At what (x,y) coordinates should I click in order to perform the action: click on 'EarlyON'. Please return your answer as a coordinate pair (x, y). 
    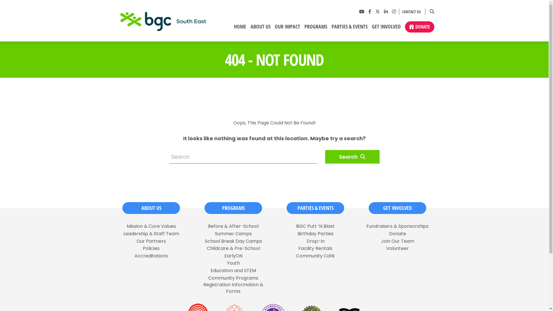
    Looking at the image, I should click on (233, 255).